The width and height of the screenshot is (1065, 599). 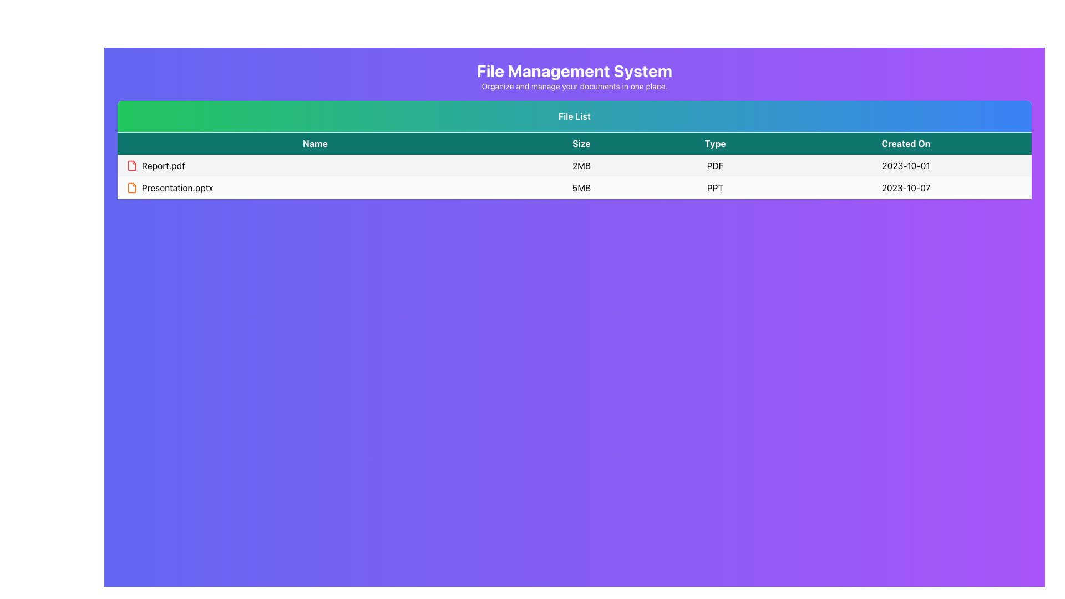 What do you see at coordinates (133, 166) in the screenshot?
I see `the small red file sheet icon located to the left of 'Report.pdf' in the first row of the table` at bounding box center [133, 166].